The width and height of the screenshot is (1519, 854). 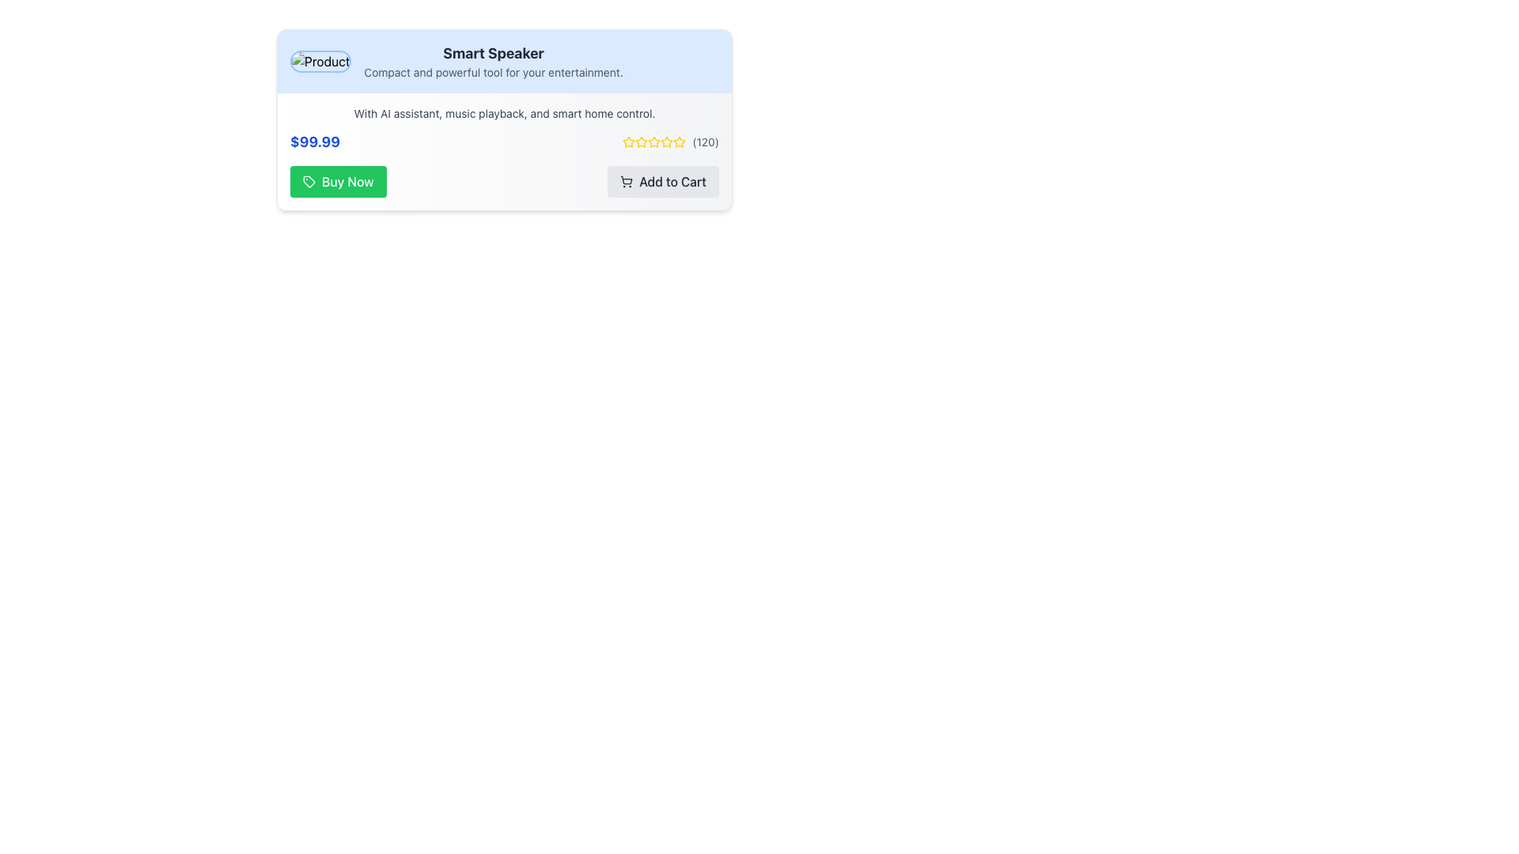 I want to click on the third yellow star in the horizontal row of rating stars to rate it, so click(x=642, y=142).